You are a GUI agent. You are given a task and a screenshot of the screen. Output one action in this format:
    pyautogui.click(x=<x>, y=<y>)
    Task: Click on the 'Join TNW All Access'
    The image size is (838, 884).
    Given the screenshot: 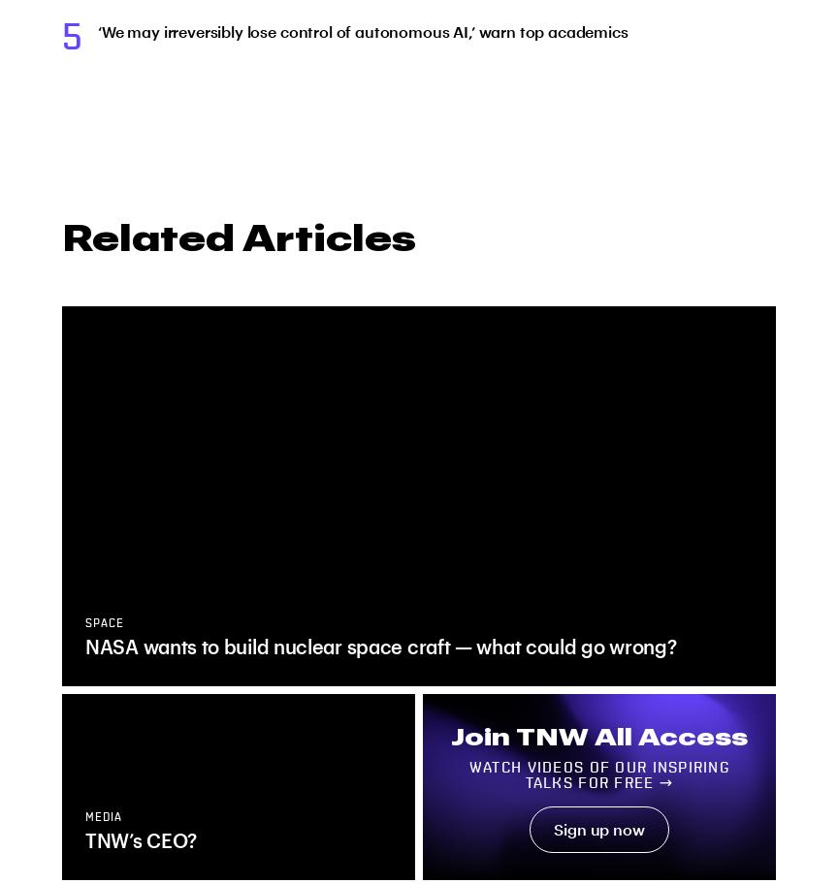 What is the action you would take?
    pyautogui.click(x=598, y=734)
    